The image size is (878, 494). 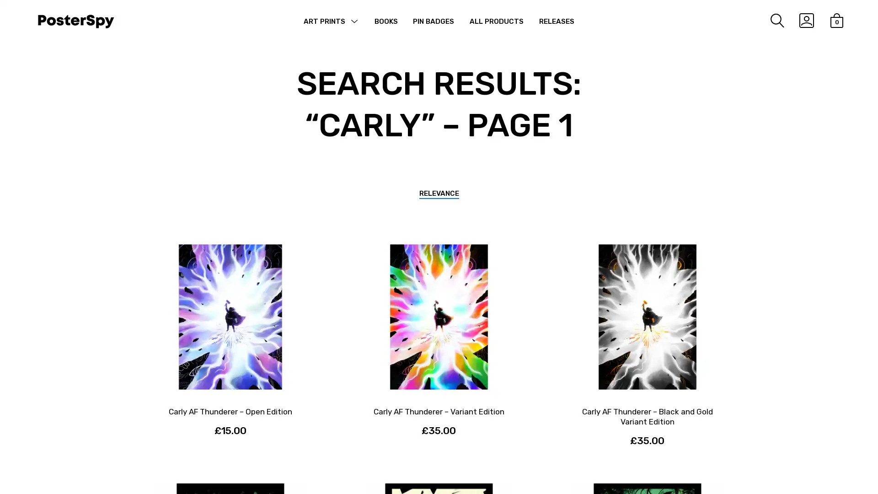 What do you see at coordinates (768, 21) in the screenshot?
I see `SEARCH TOGGLE` at bounding box center [768, 21].